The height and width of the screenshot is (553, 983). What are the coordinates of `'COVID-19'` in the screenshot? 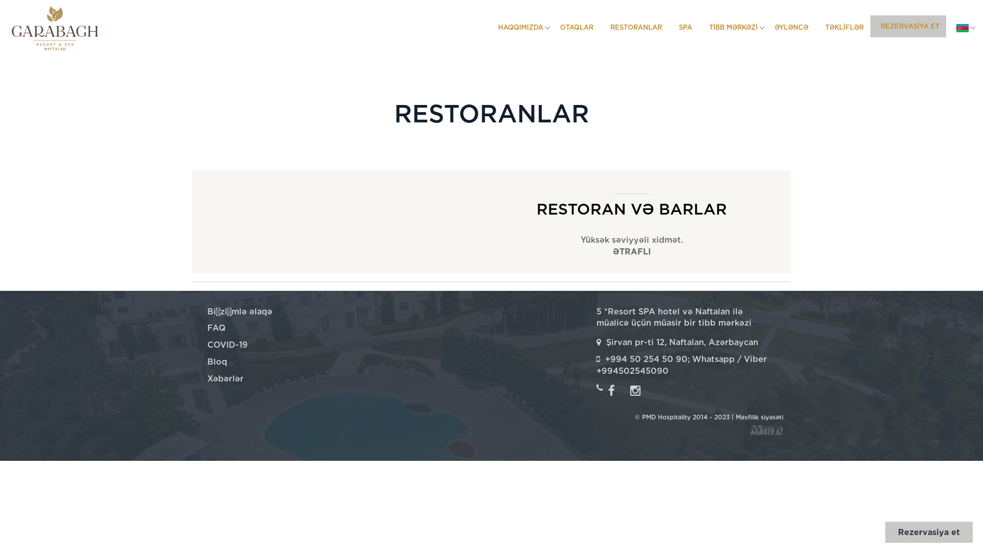 It's located at (227, 345).